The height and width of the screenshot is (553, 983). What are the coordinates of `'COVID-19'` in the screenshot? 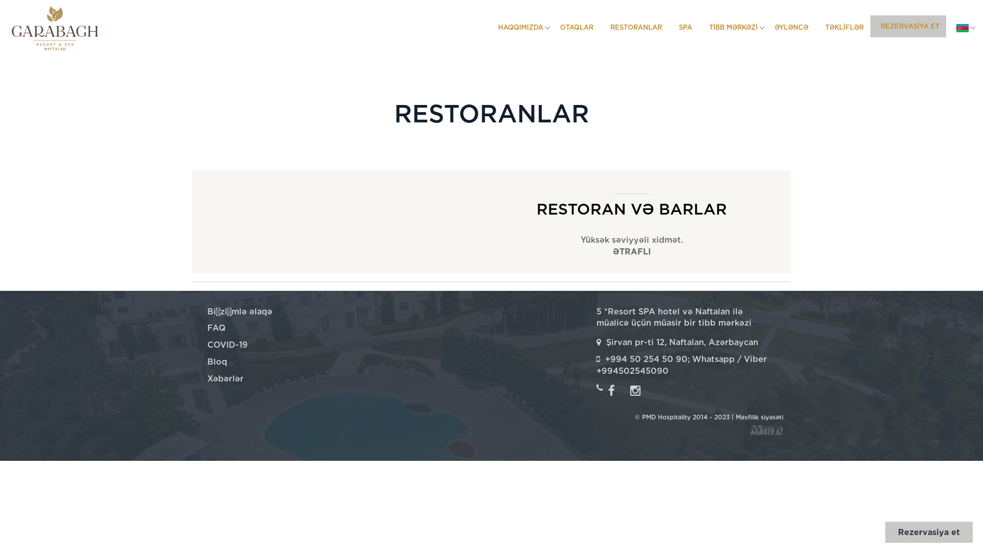 It's located at (227, 345).